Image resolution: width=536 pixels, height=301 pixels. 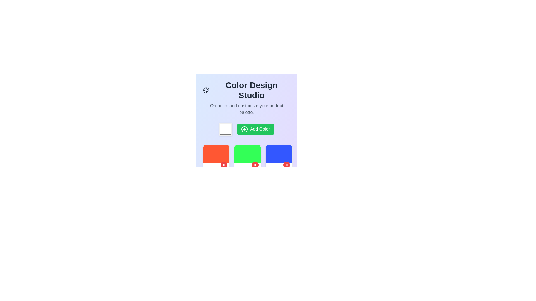 What do you see at coordinates (244, 129) in the screenshot?
I see `the interactive circle icon located to the left of the 'Add Color' green button` at bounding box center [244, 129].